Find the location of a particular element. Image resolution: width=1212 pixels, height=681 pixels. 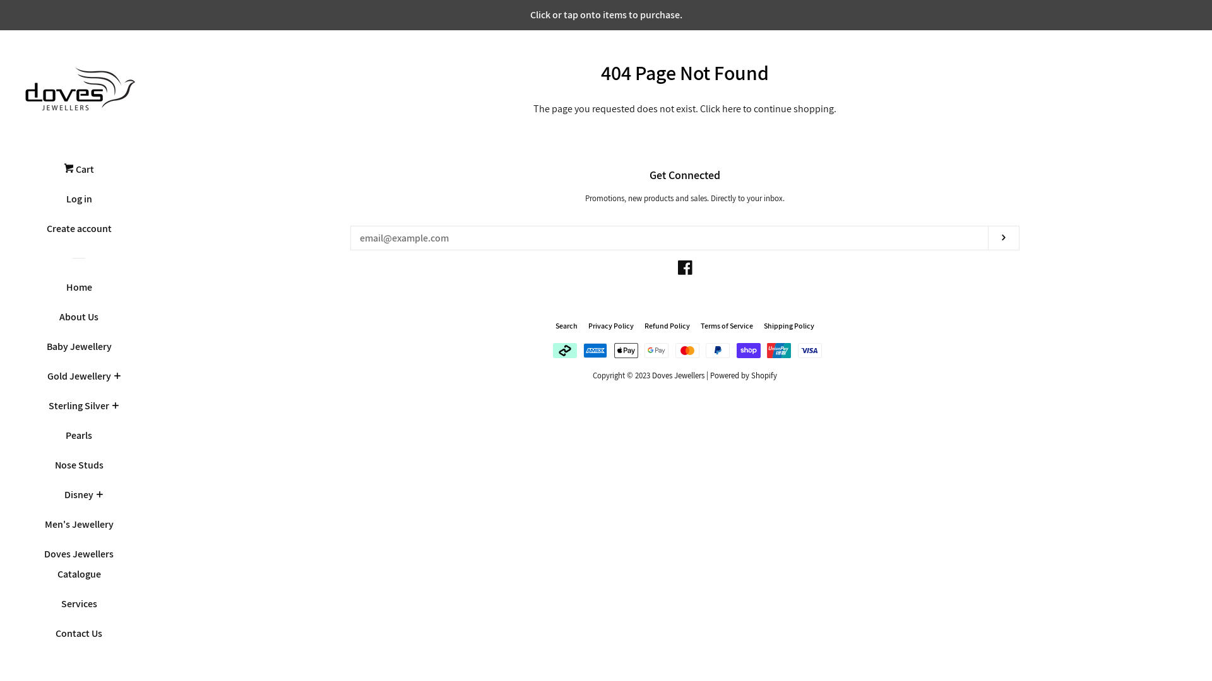

'Contact Us' is located at coordinates (78, 638).